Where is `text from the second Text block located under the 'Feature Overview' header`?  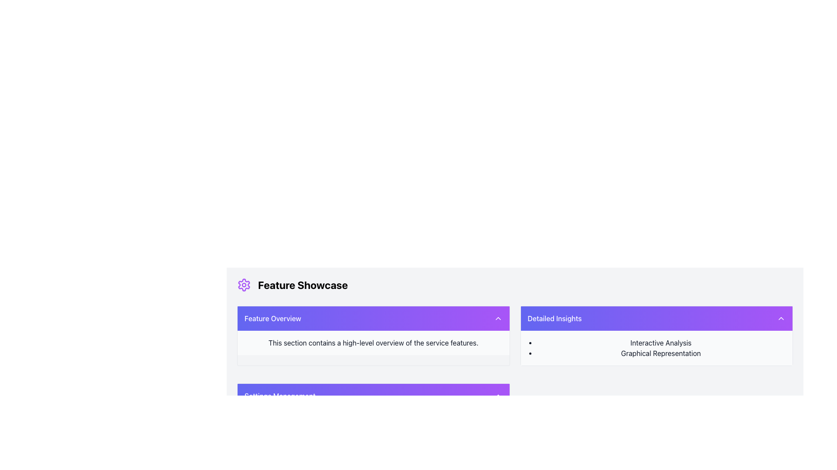 text from the second Text block located under the 'Feature Overview' header is located at coordinates (373, 342).